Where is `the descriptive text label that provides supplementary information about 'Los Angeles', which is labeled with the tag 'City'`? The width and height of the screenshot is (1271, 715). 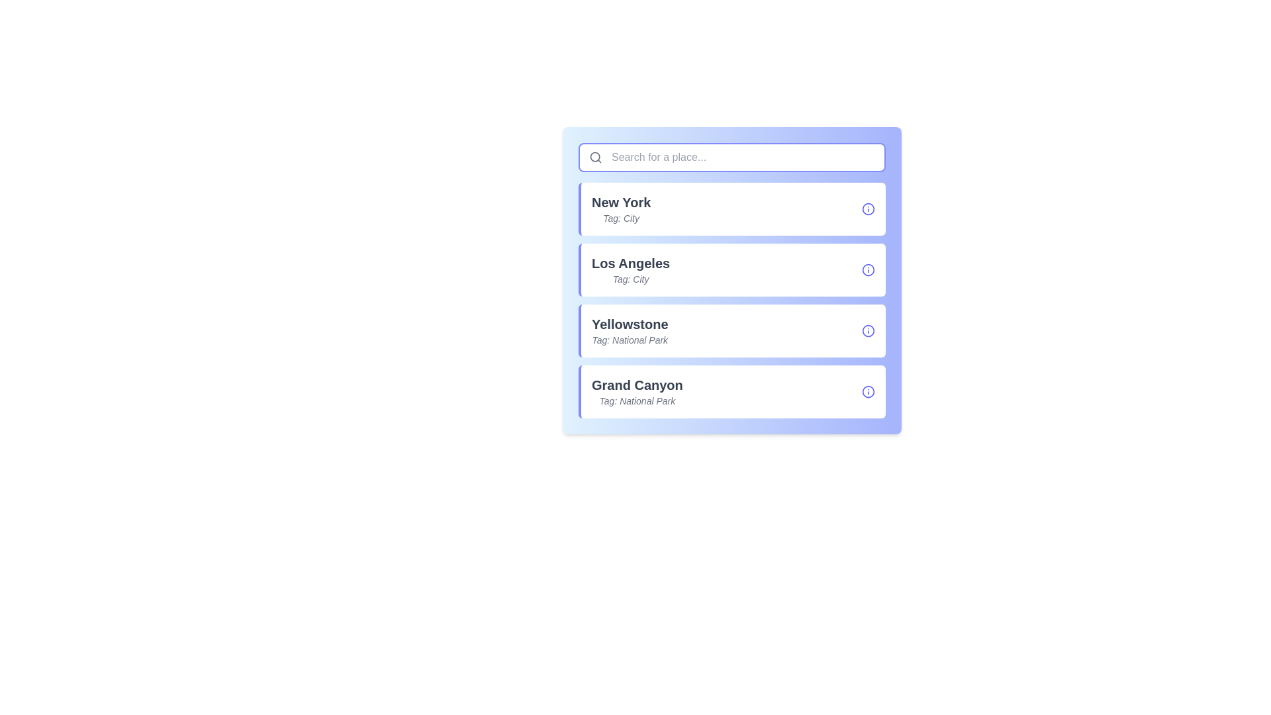 the descriptive text label that provides supplementary information about 'Los Angeles', which is labeled with the tag 'City' is located at coordinates (630, 278).